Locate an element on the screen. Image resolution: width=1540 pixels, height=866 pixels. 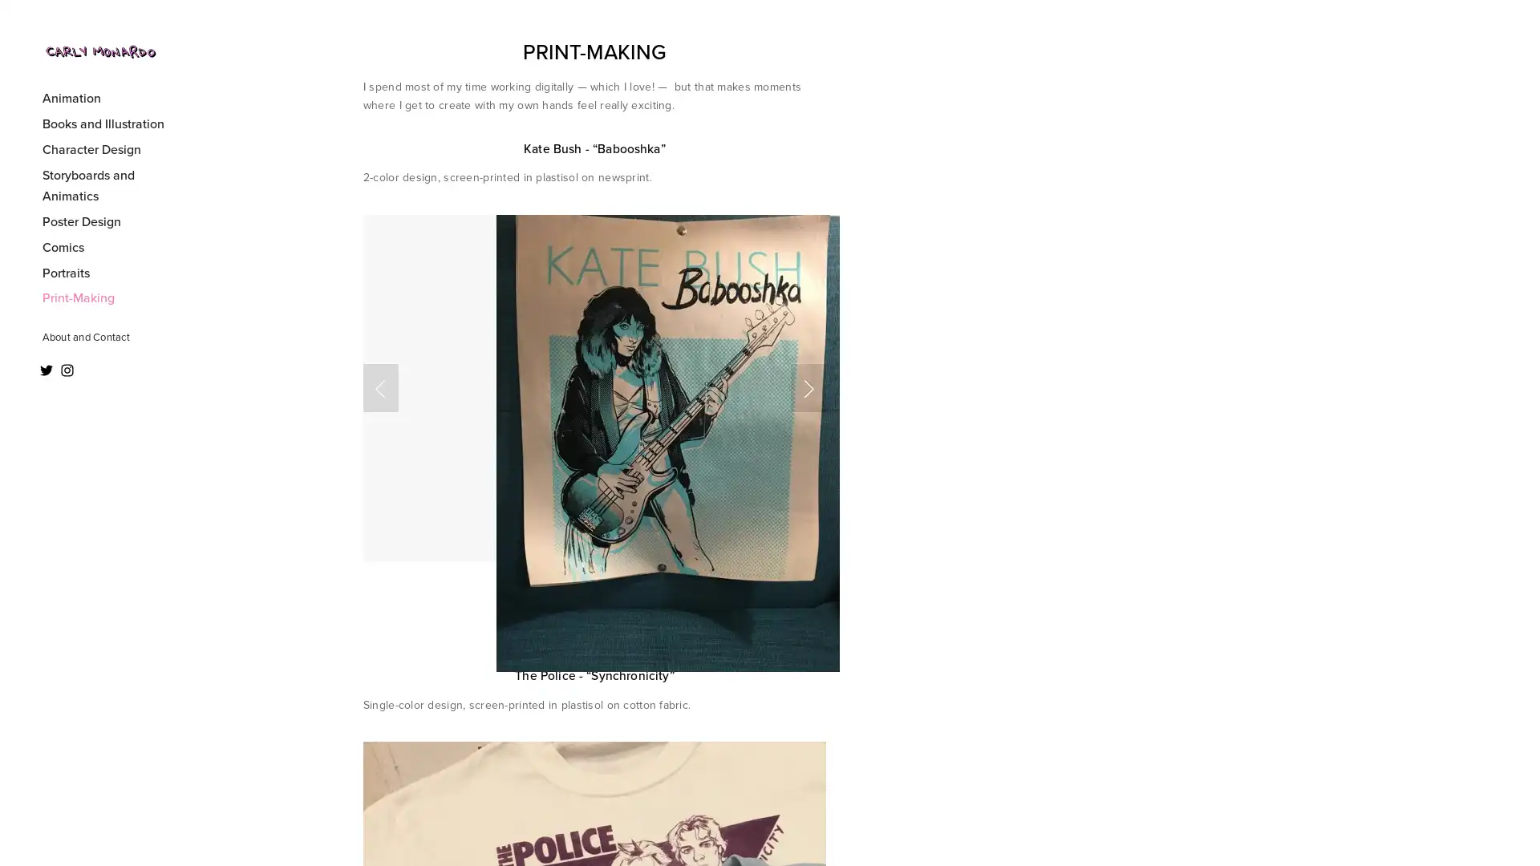
Slide 3 is located at coordinates (642, 609).